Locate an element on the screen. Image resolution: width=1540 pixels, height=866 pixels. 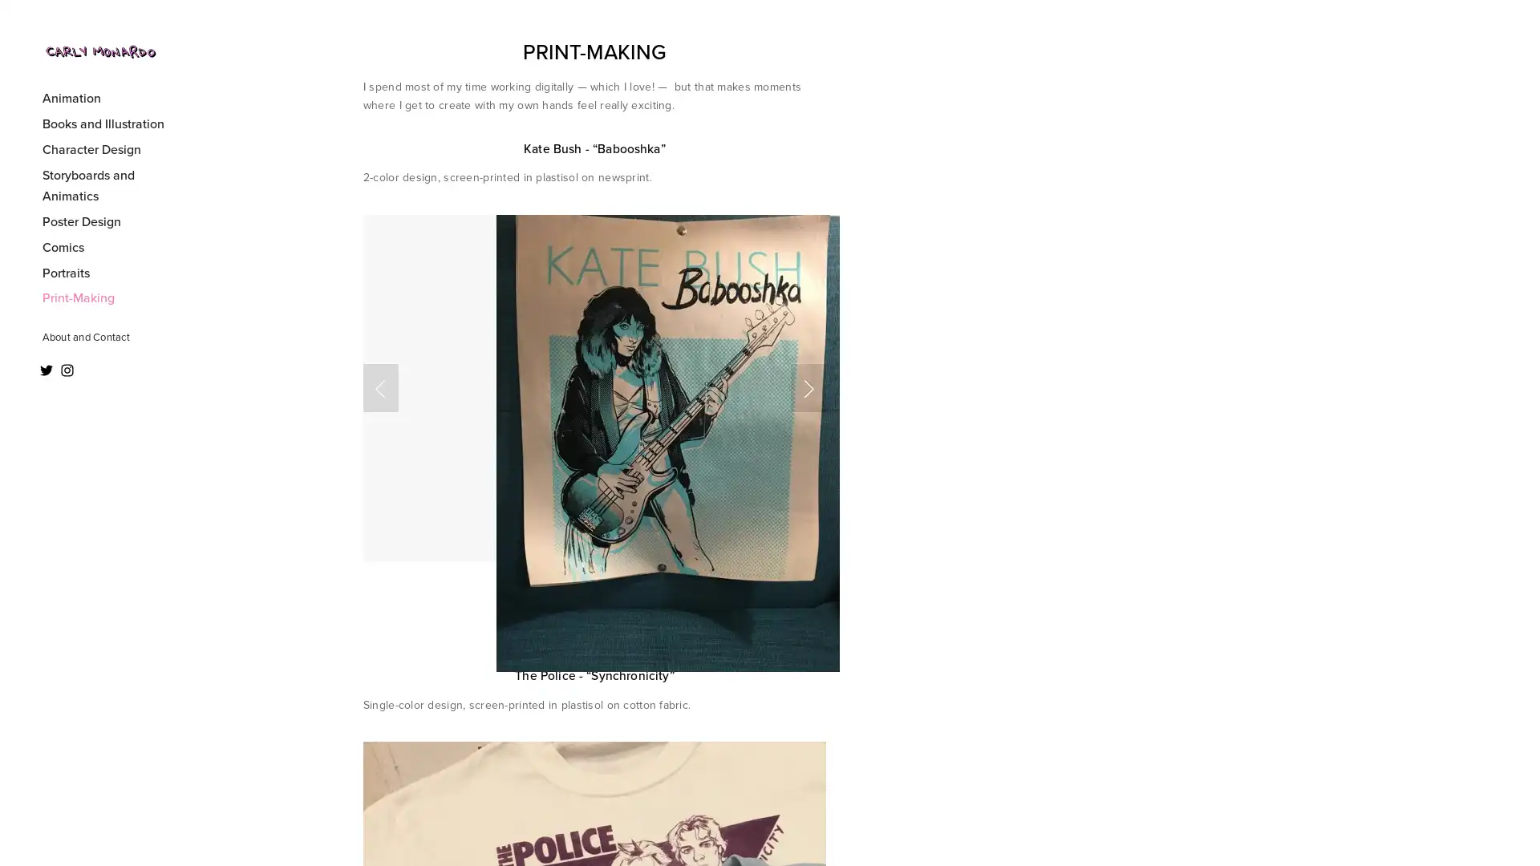
Slide 3 is located at coordinates (642, 609).